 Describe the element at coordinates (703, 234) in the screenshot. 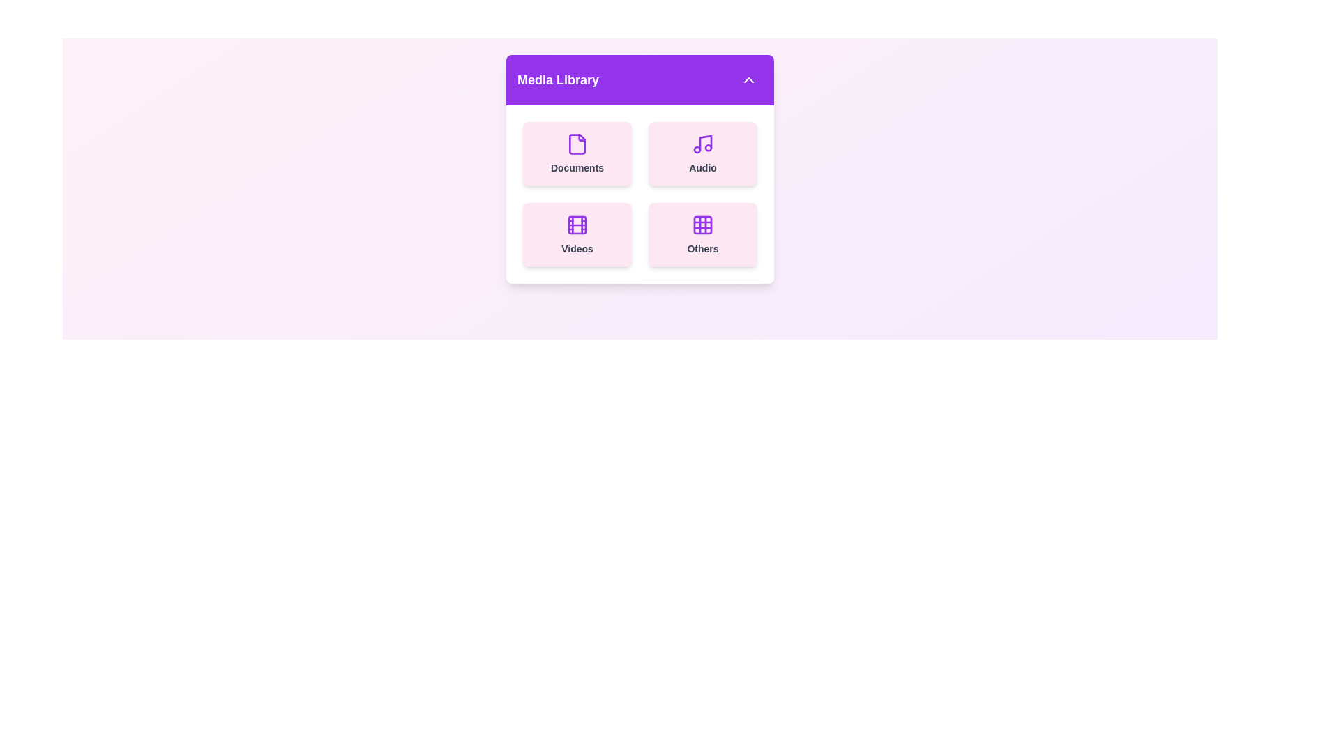

I see `the 'Others' card to select it` at that location.